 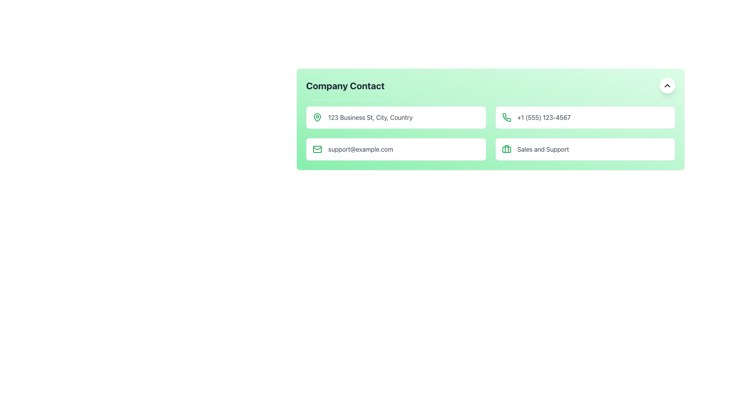 What do you see at coordinates (396, 118) in the screenshot?
I see `the Informative display field which contains a location pin icon and the address '123 Business St, City, Country' on a green background` at bounding box center [396, 118].